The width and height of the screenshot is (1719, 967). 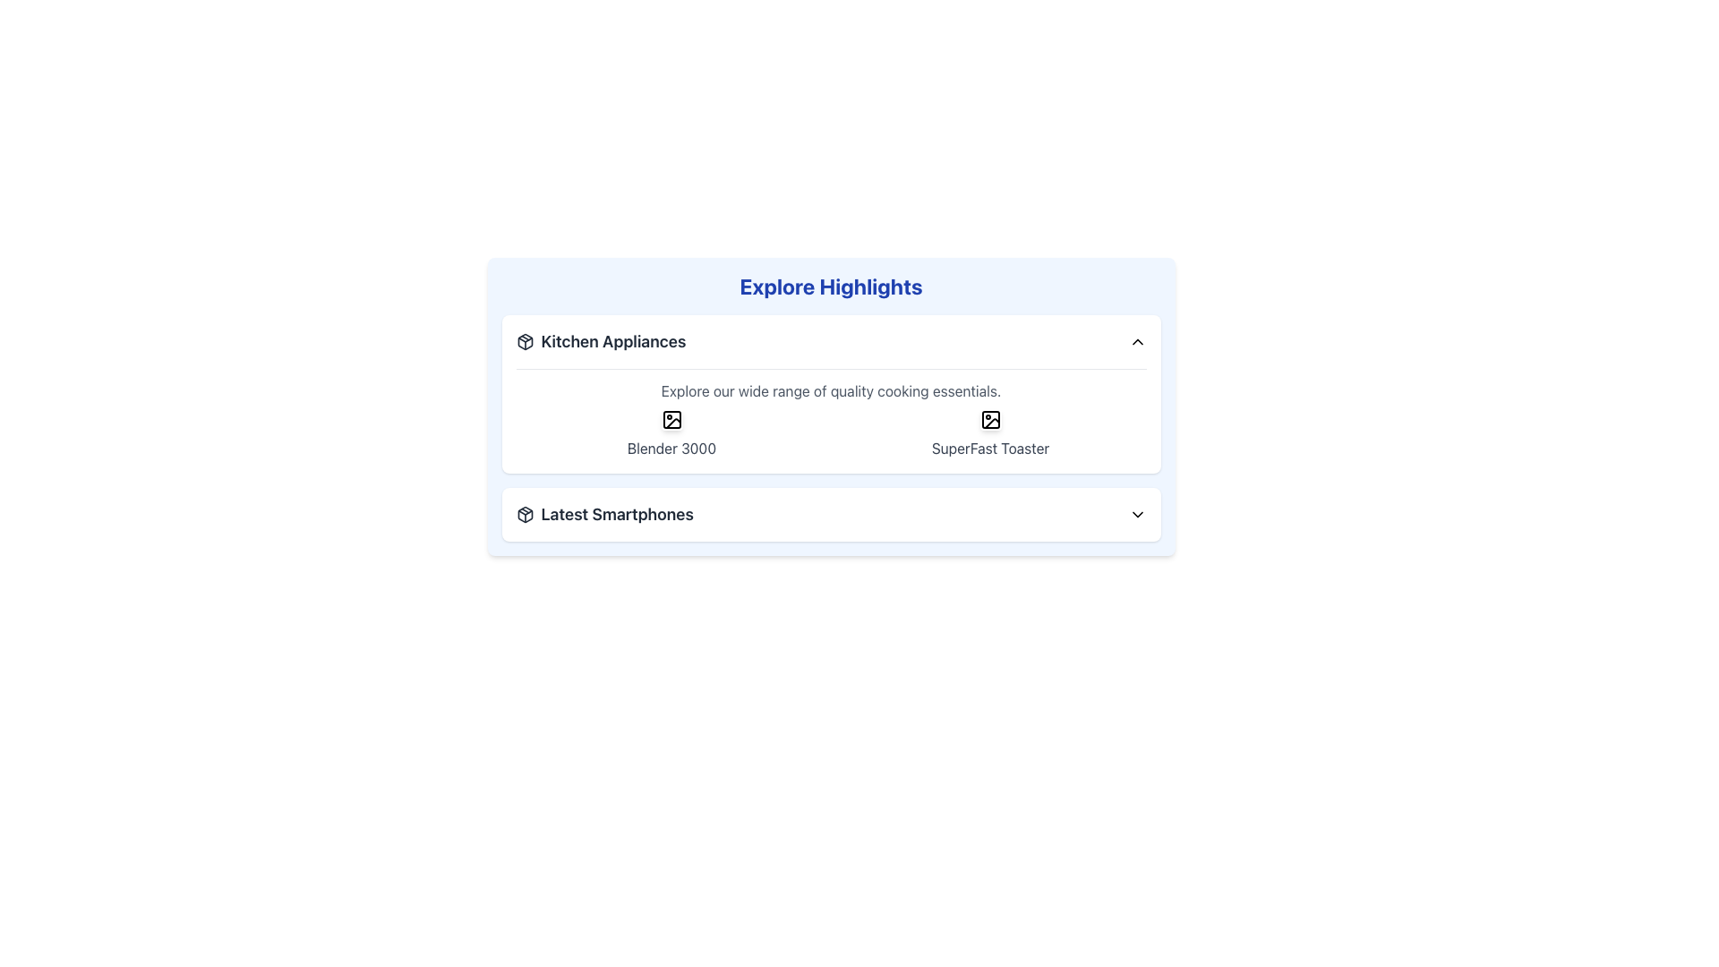 What do you see at coordinates (671, 434) in the screenshot?
I see `the 'Blender 3000' UI element, which consists of an icon with a rounded border and a centered gray-colored label below it, located in the 'Kitchen Appliances' section` at bounding box center [671, 434].